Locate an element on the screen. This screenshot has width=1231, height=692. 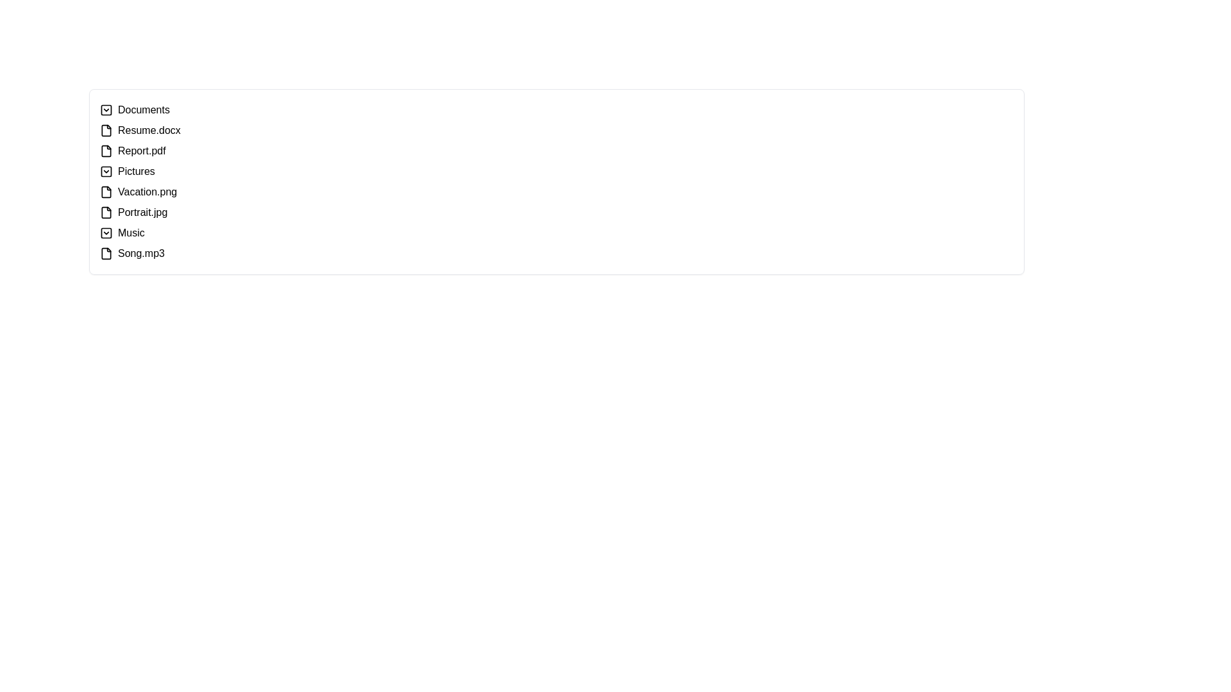
the file icon representing 'Report.pdf', which is a small rectangular icon with a fold-over corner located at the start of the file list is located at coordinates (106, 150).